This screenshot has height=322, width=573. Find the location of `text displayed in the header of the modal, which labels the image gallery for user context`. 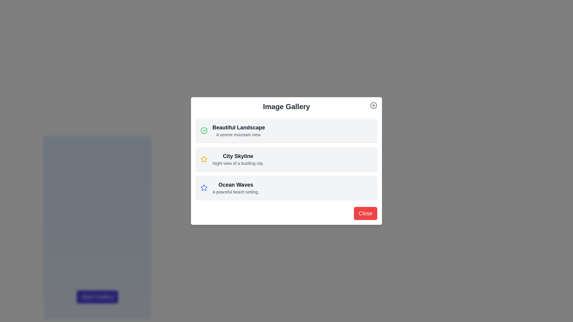

text displayed in the header of the modal, which labels the image gallery for user context is located at coordinates (286, 106).